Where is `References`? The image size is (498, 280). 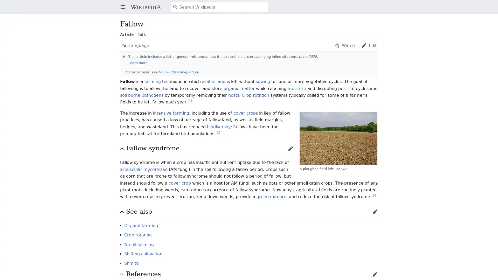 References is located at coordinates (247, 274).